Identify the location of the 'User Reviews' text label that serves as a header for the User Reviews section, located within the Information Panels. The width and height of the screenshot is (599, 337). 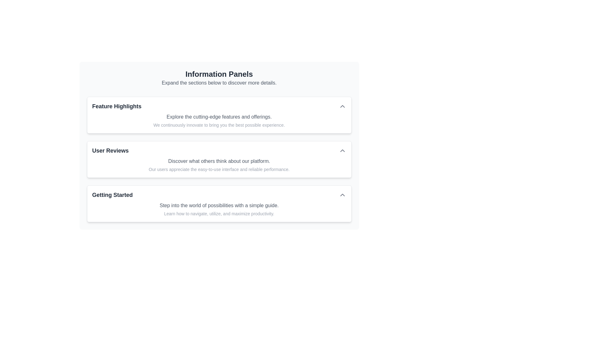
(110, 150).